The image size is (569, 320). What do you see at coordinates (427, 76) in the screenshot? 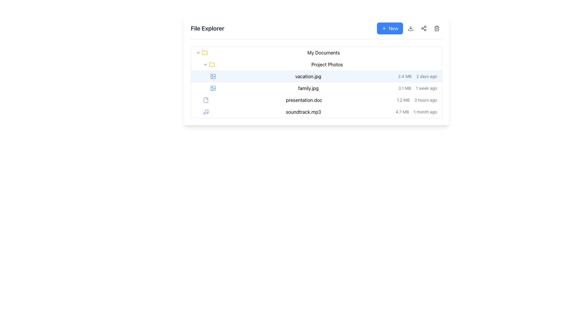
I see `the informational text indicating the last modification time of the file 'vacation.jpg', which is located to the far right of the file size information '2.4 MB'` at bounding box center [427, 76].